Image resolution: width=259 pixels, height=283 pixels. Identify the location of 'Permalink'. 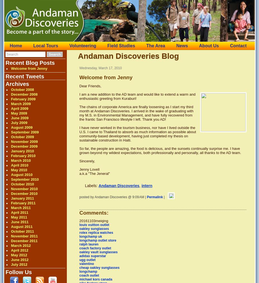
(155, 197).